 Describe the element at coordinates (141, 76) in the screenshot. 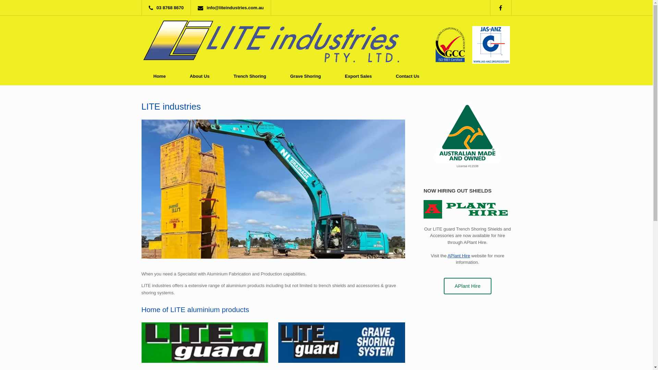

I see `'Home'` at that location.